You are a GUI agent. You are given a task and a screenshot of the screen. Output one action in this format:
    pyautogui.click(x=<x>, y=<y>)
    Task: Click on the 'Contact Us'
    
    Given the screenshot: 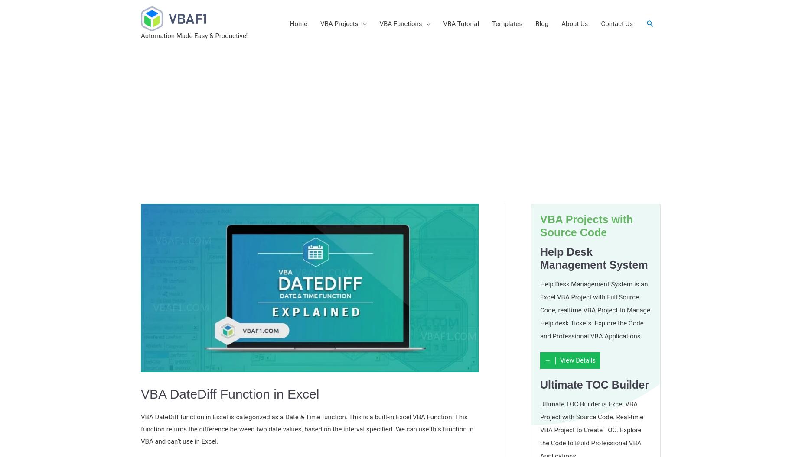 What is the action you would take?
    pyautogui.click(x=617, y=23)
    